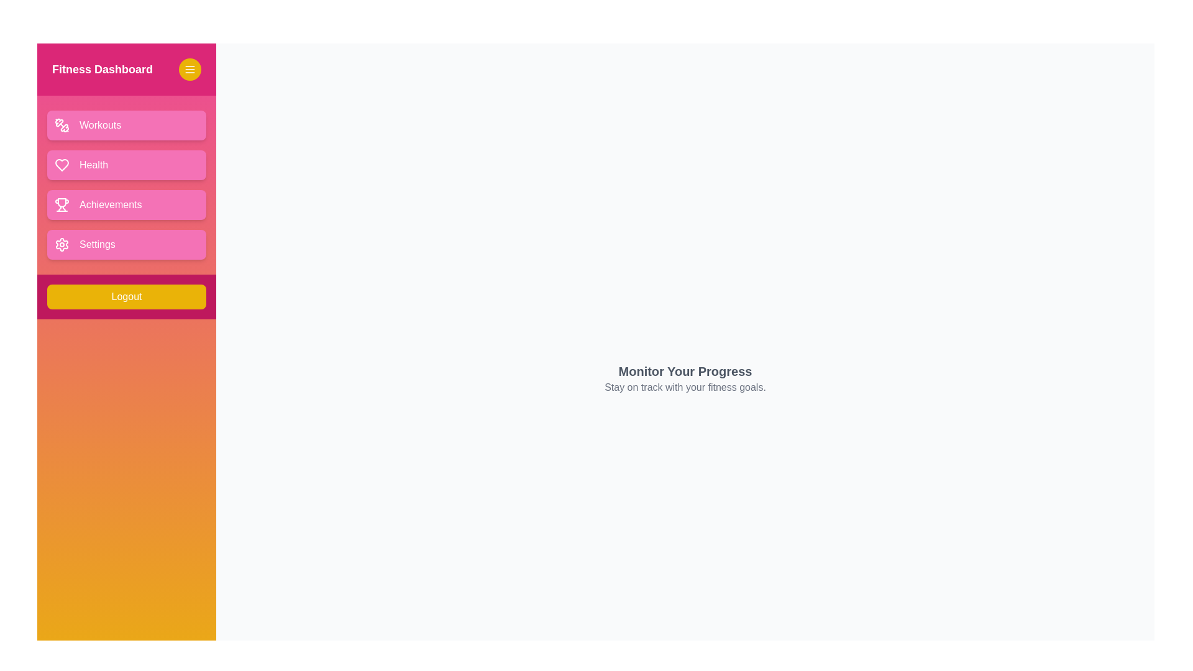  Describe the element at coordinates (126, 125) in the screenshot. I see `the 'Workouts' button` at that location.